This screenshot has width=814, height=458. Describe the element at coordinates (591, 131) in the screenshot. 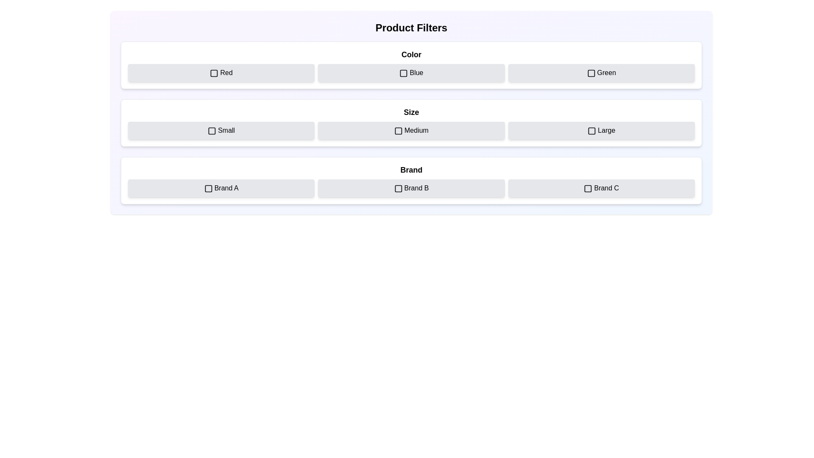

I see `the visual checkbox for the 'Large' size option located` at that location.